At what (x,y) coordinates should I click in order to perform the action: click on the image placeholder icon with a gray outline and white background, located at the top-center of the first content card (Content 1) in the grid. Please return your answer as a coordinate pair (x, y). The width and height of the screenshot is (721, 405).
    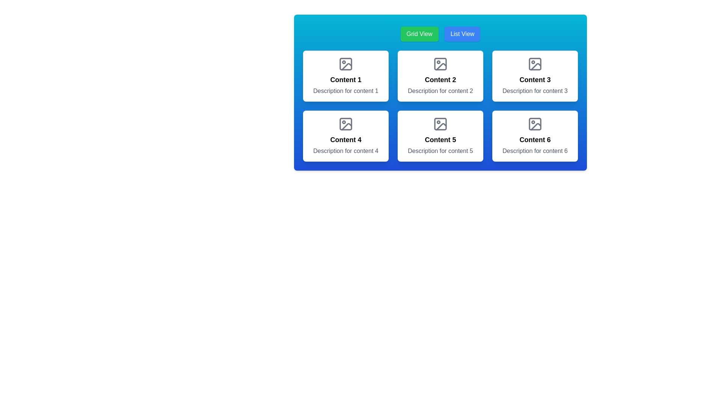
    Looking at the image, I should click on (345, 63).